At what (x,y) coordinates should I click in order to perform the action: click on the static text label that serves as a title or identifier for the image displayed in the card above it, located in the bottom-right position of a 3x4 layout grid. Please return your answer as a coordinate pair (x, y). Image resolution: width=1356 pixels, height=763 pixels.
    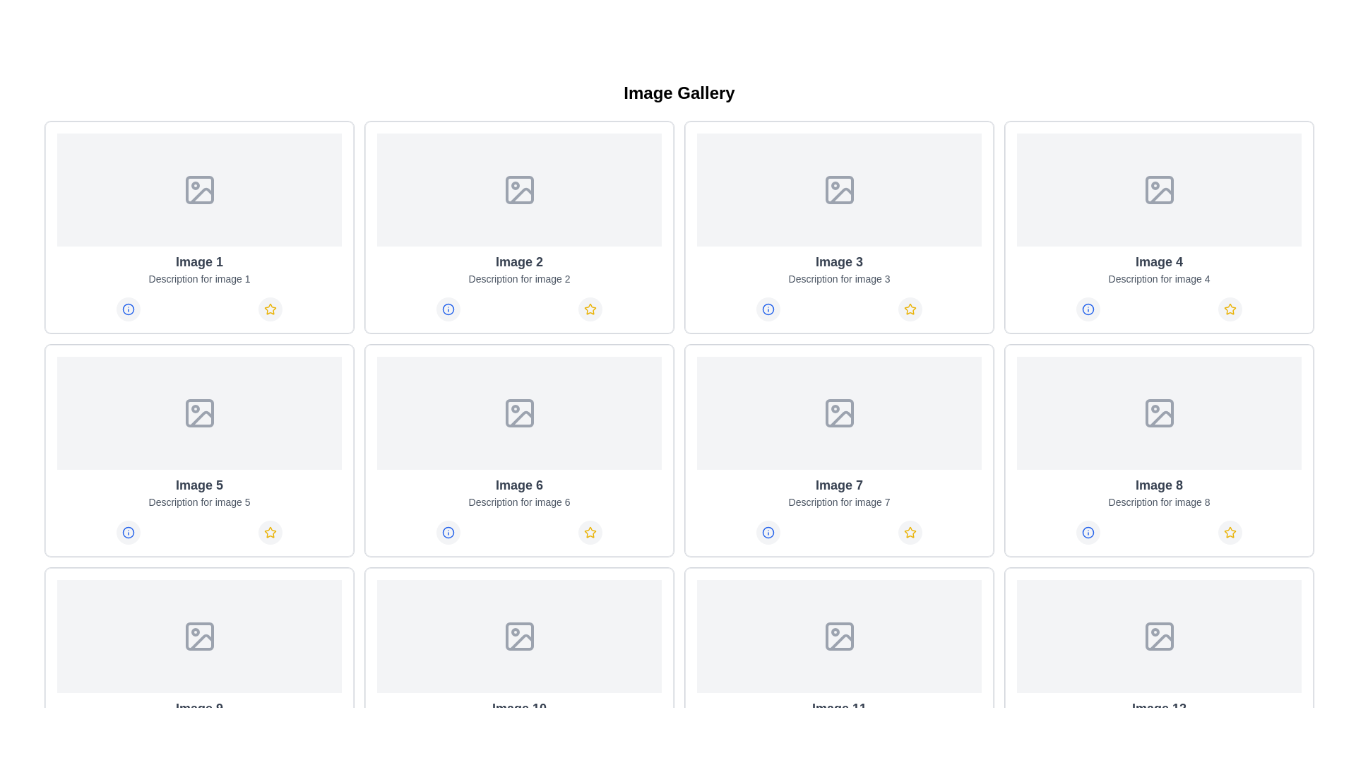
    Looking at the image, I should click on (839, 708).